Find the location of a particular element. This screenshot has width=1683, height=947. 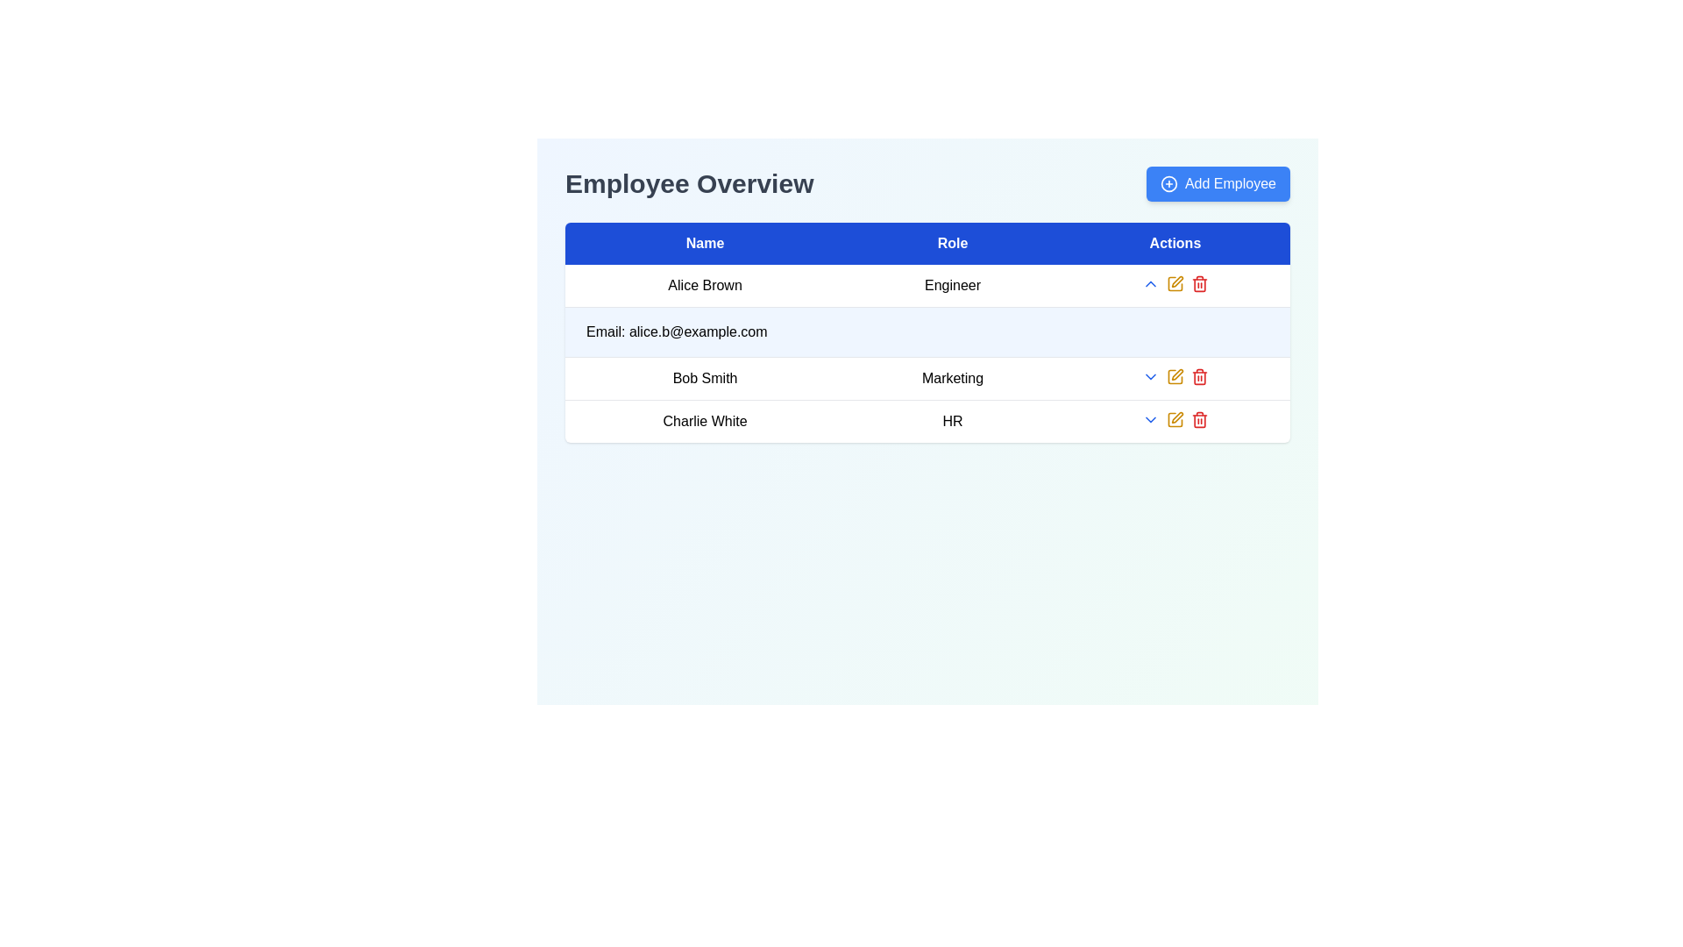

the circular vector graphics component that serves as an icon within the 'Add Employee' button to interact with the button is located at coordinates (1169, 183).